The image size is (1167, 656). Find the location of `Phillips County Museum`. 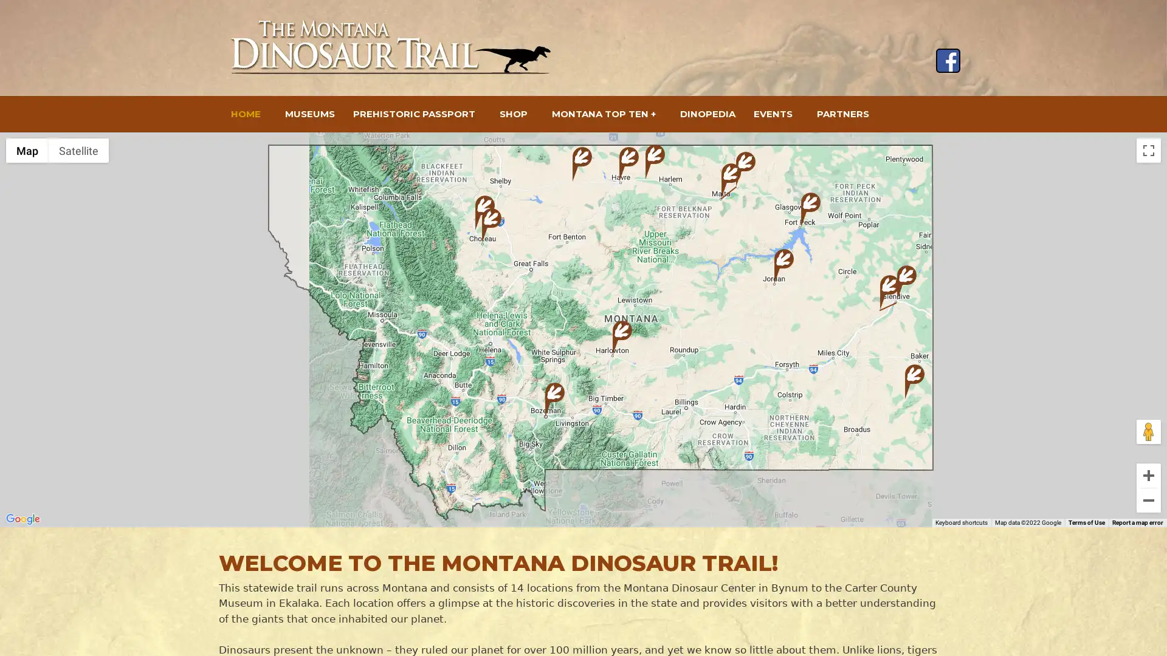

Phillips County Museum is located at coordinates (745, 169).